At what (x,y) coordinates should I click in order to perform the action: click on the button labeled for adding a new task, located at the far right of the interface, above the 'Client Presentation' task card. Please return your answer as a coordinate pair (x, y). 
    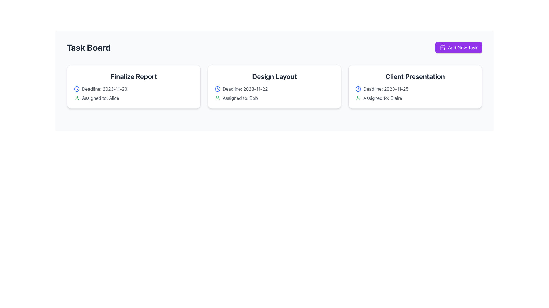
    Looking at the image, I should click on (463, 47).